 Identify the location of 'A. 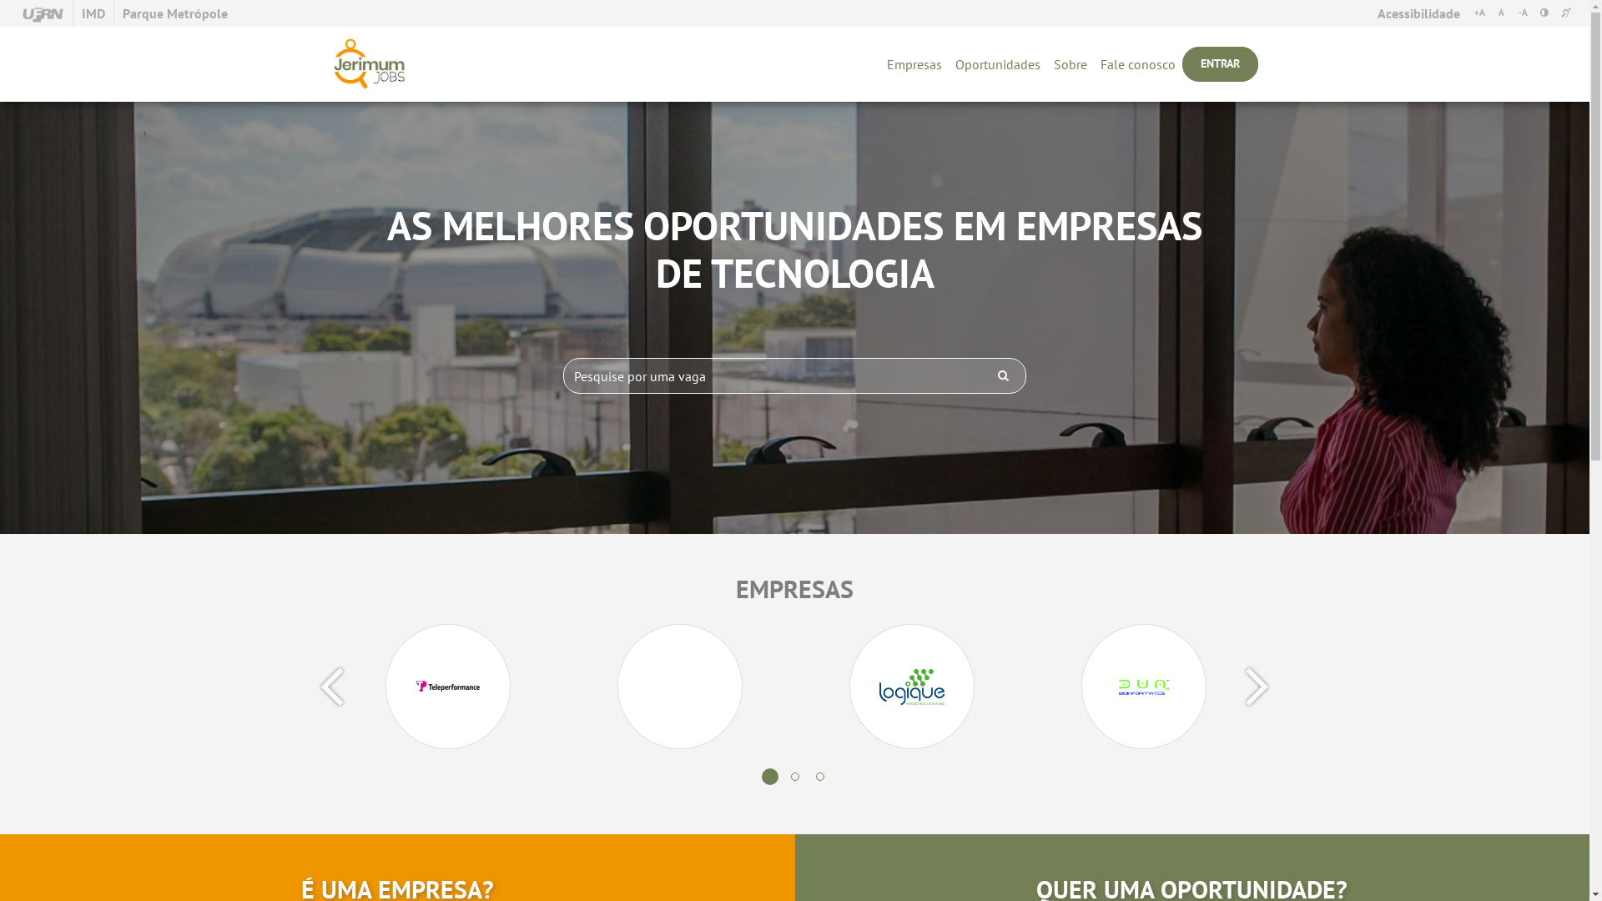
(1501, 13).